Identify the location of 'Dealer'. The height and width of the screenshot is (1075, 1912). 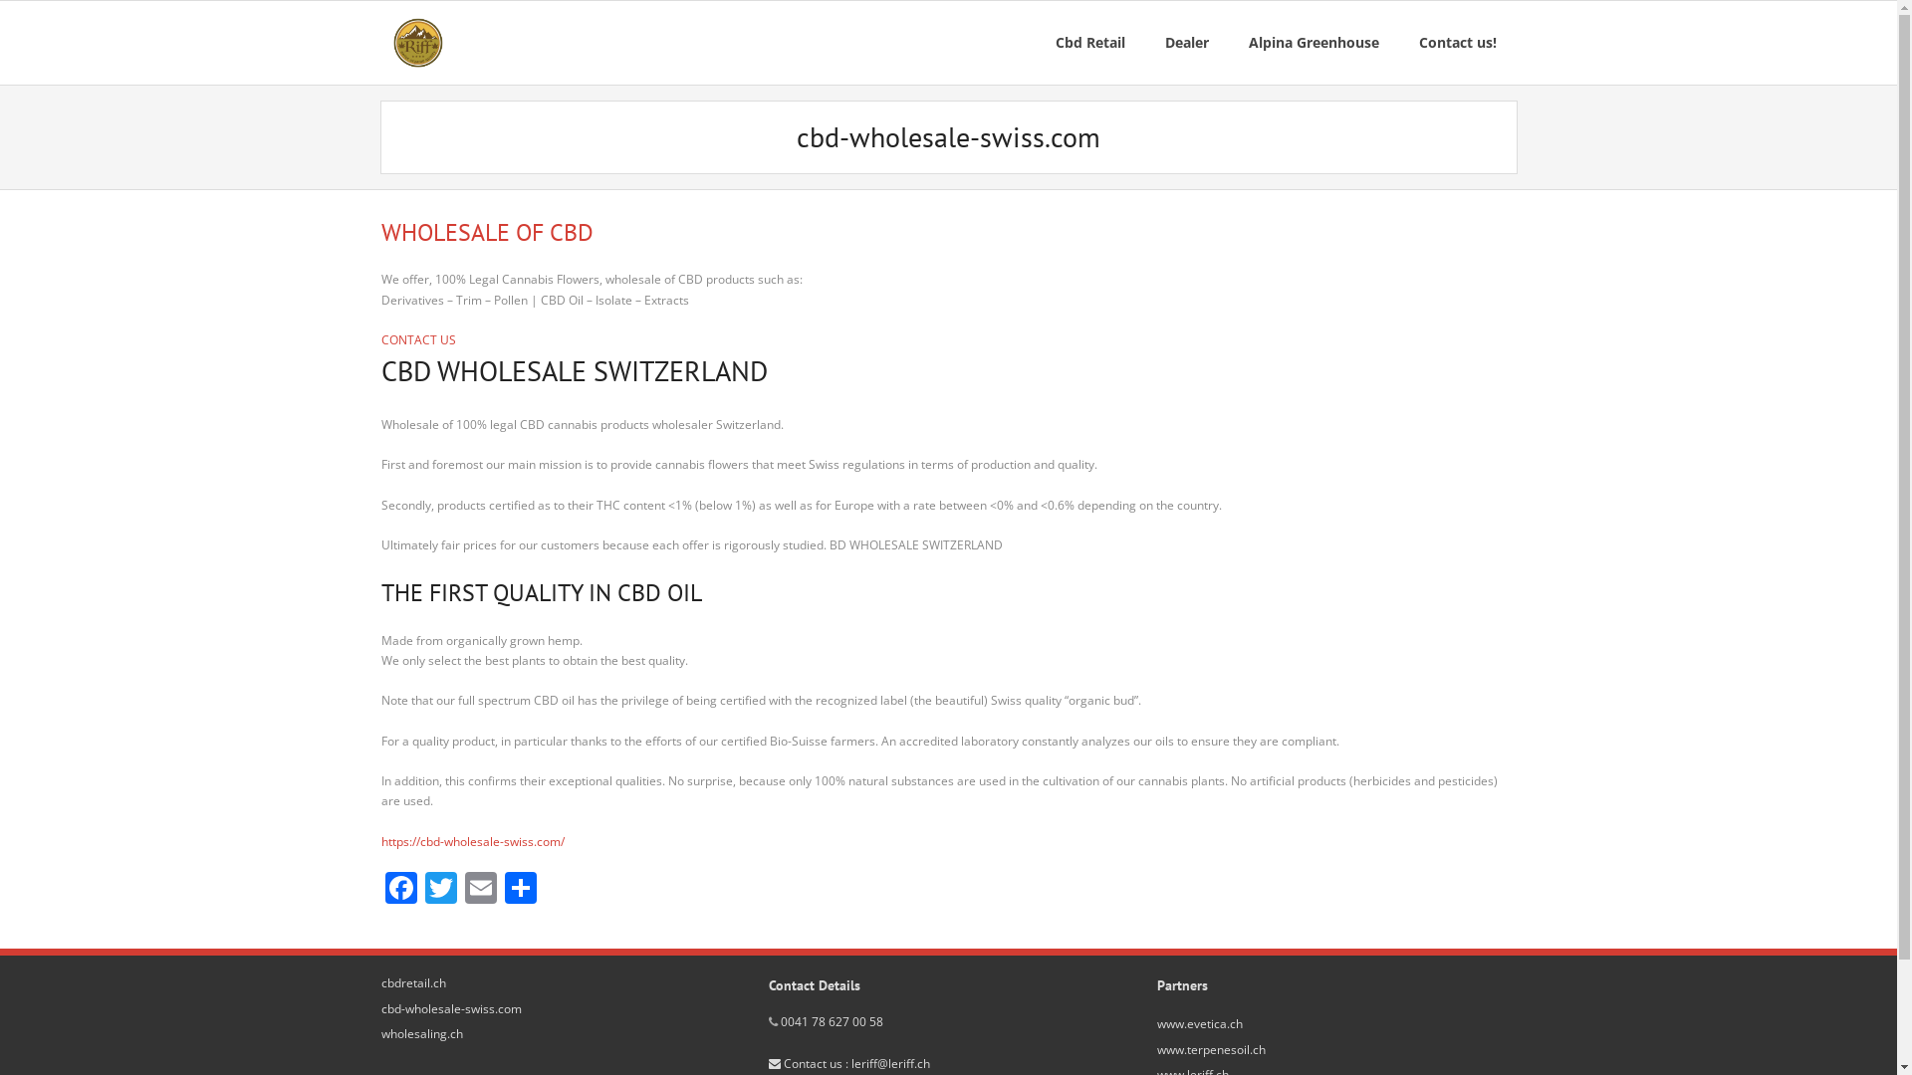
(1186, 42).